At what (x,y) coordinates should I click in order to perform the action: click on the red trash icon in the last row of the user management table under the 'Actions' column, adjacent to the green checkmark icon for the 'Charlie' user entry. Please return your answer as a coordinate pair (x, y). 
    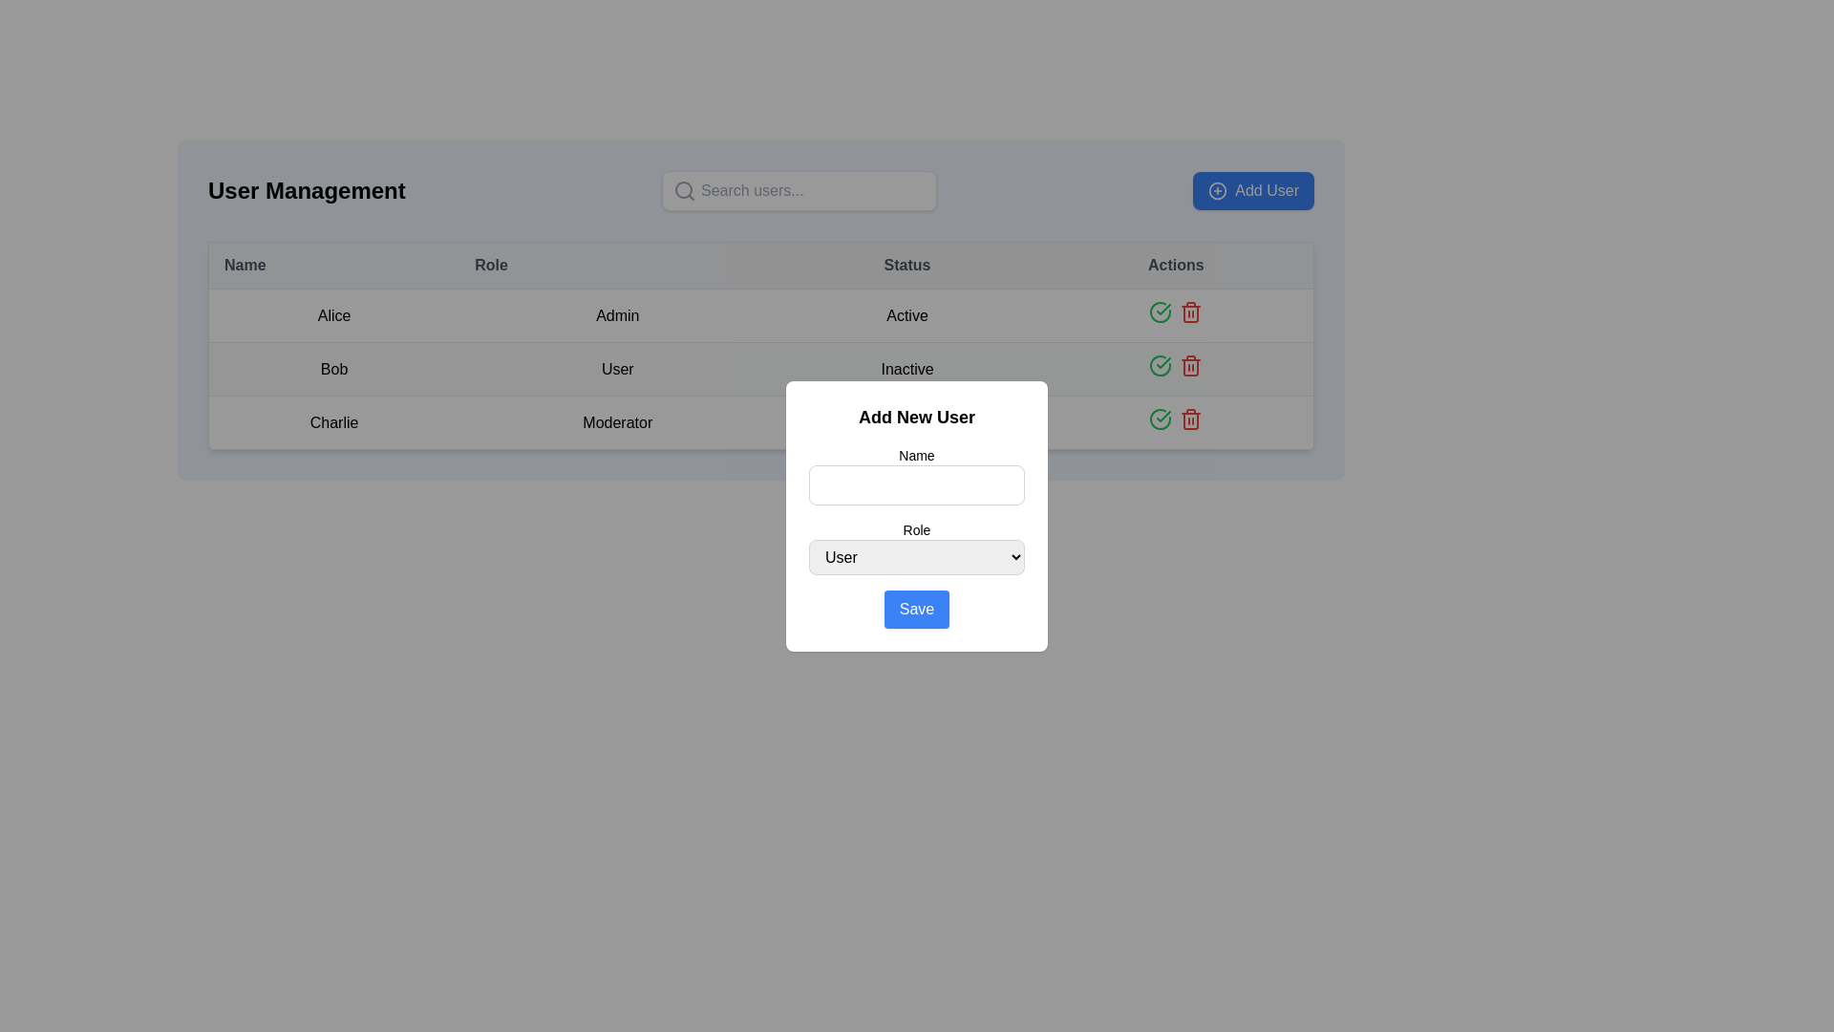
    Looking at the image, I should click on (1190, 419).